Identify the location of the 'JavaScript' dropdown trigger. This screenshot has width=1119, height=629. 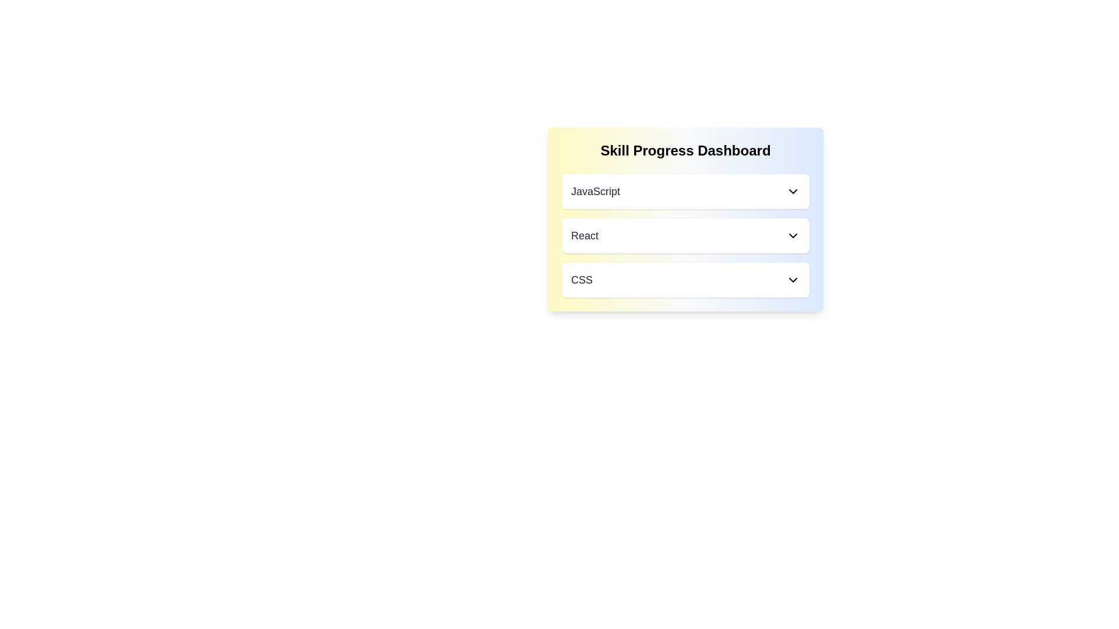
(685, 190).